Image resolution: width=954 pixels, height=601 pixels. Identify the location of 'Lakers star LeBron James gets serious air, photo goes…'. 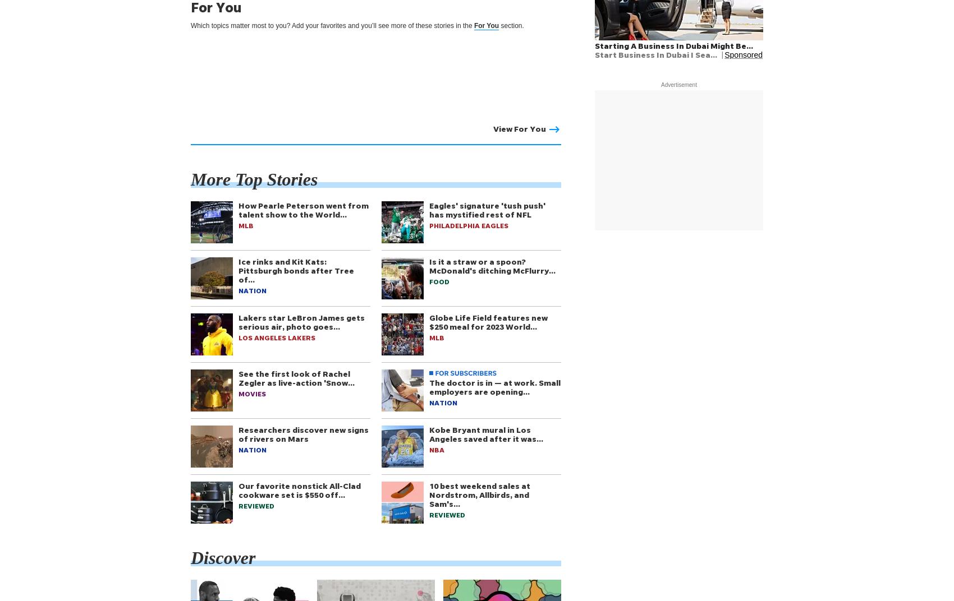
(301, 321).